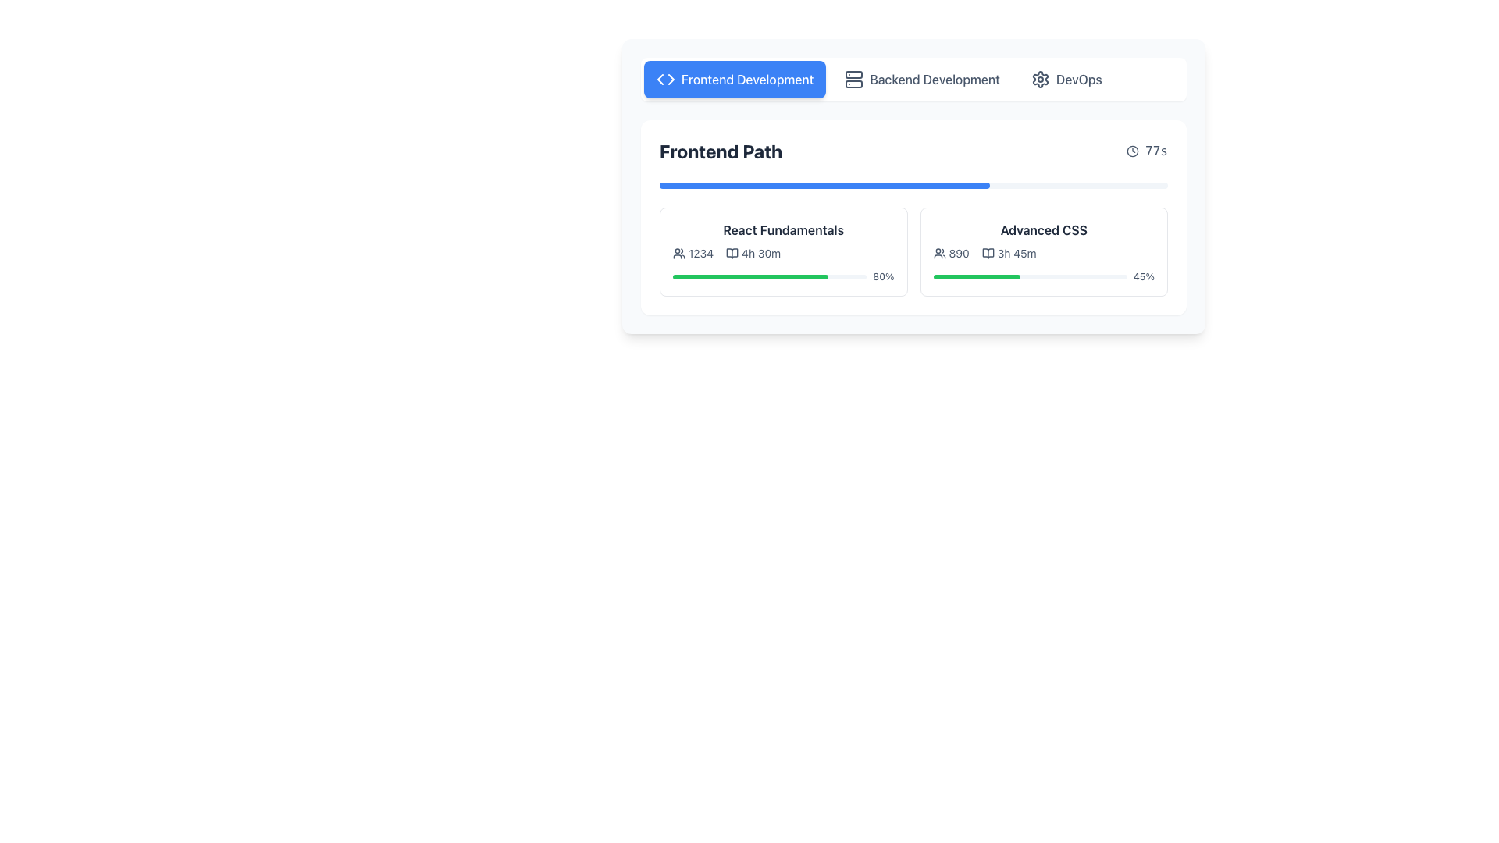  I want to click on the progress indicator displayed as a green progress bar with a percentage label of '45%' located at the bottom part of the 'Advanced CSS' card, so click(1044, 276).